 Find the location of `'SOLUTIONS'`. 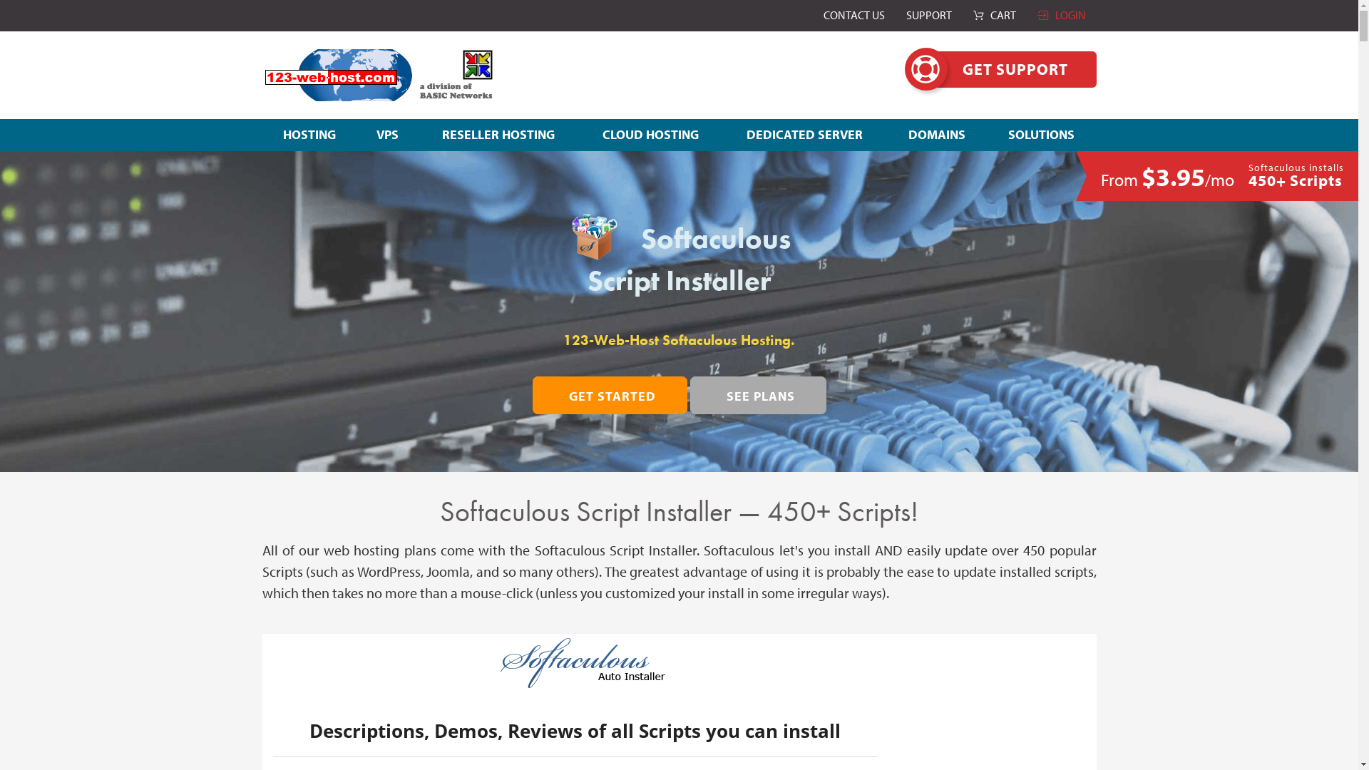

'SOLUTIONS' is located at coordinates (1041, 134).